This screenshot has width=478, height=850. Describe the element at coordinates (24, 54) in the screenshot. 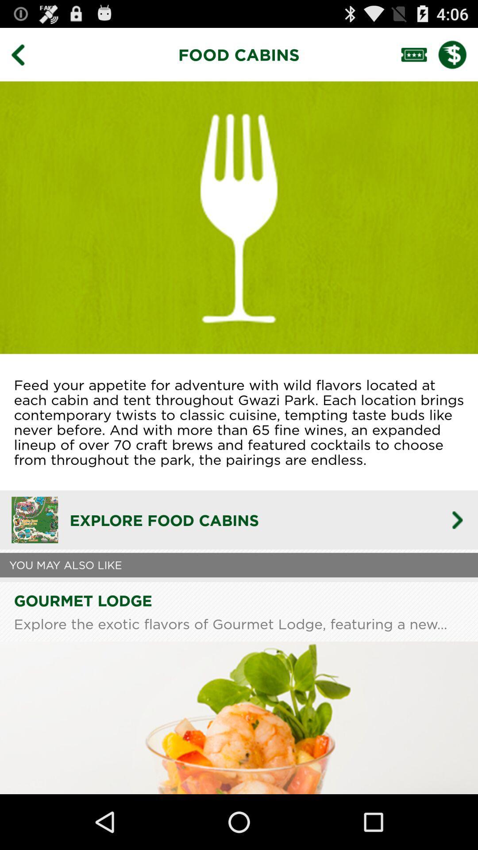

I see `back button previous screen` at that location.